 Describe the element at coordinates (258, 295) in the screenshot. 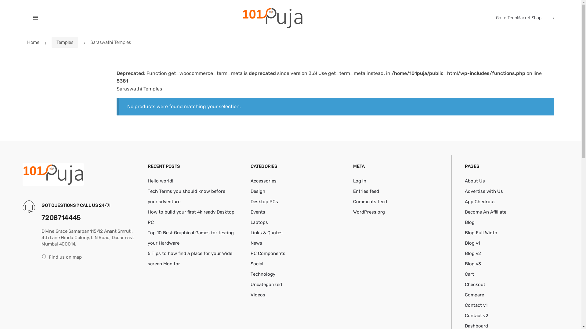

I see `'Videos'` at that location.